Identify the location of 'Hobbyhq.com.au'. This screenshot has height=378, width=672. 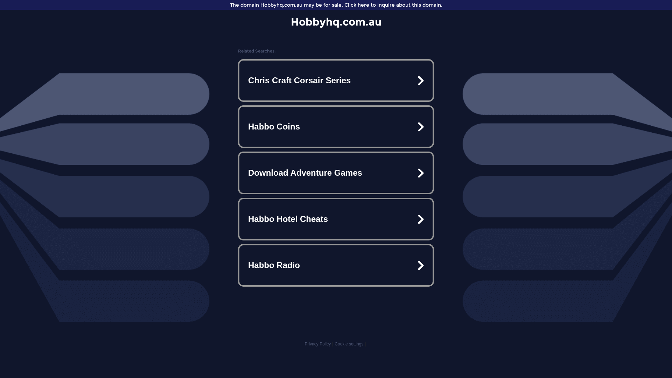
(335, 21).